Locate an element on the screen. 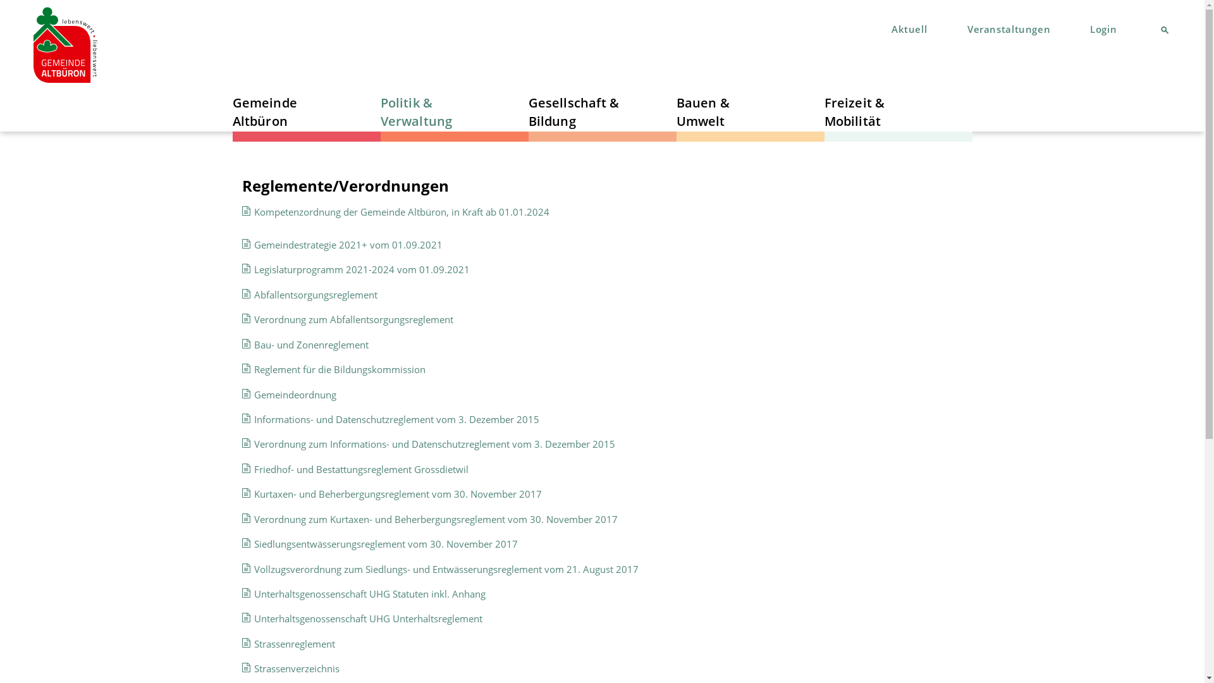 This screenshot has width=1214, height=683. 'Gemeindestrategie 2021+ vom 01.09.2021' is located at coordinates (348, 244).